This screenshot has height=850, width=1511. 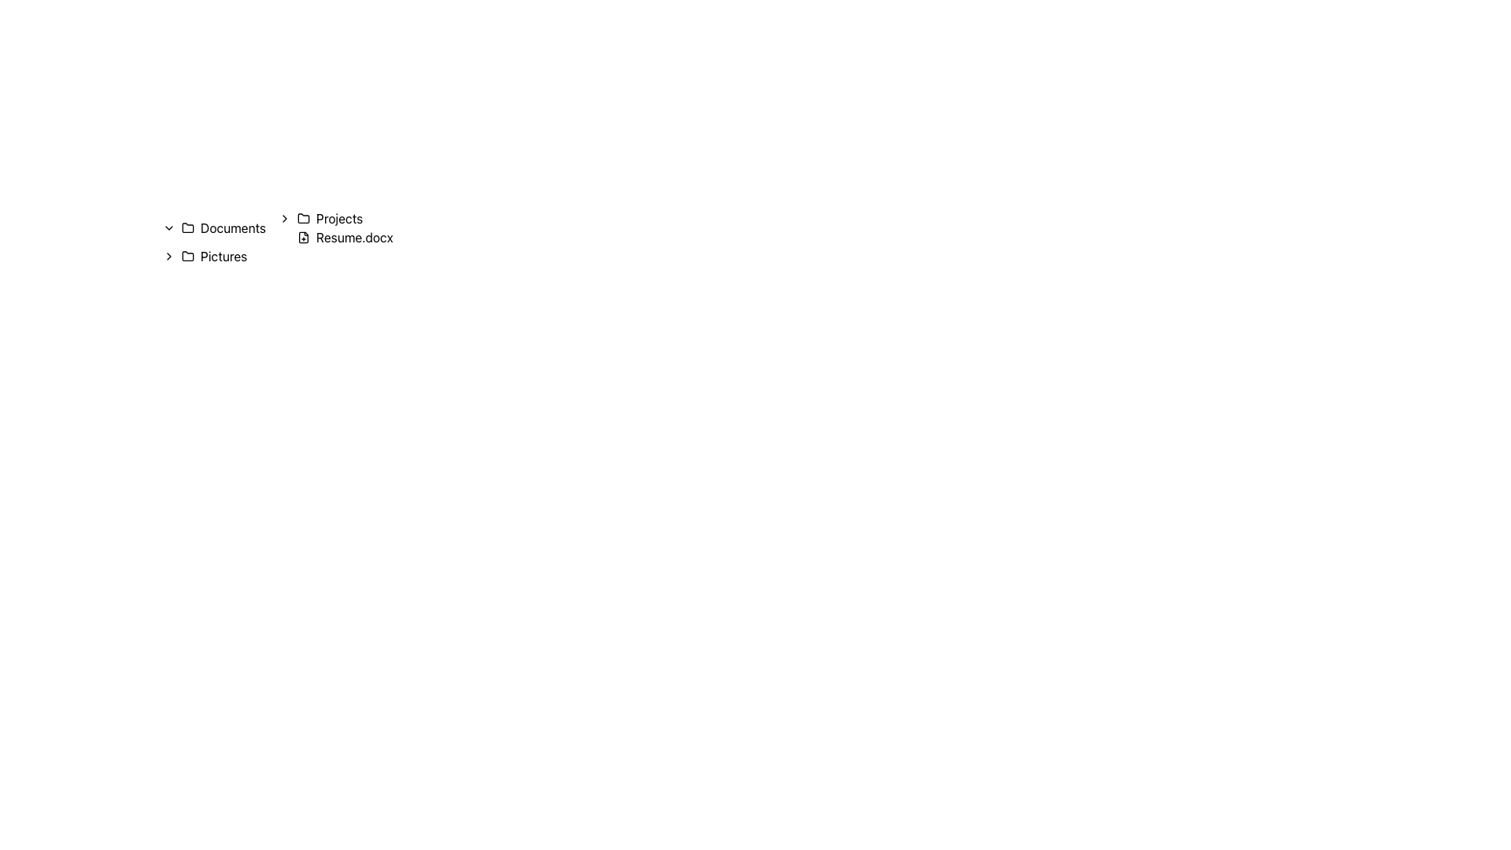 What do you see at coordinates (188, 227) in the screenshot?
I see `the folder icon located next to the 'Documents' text` at bounding box center [188, 227].